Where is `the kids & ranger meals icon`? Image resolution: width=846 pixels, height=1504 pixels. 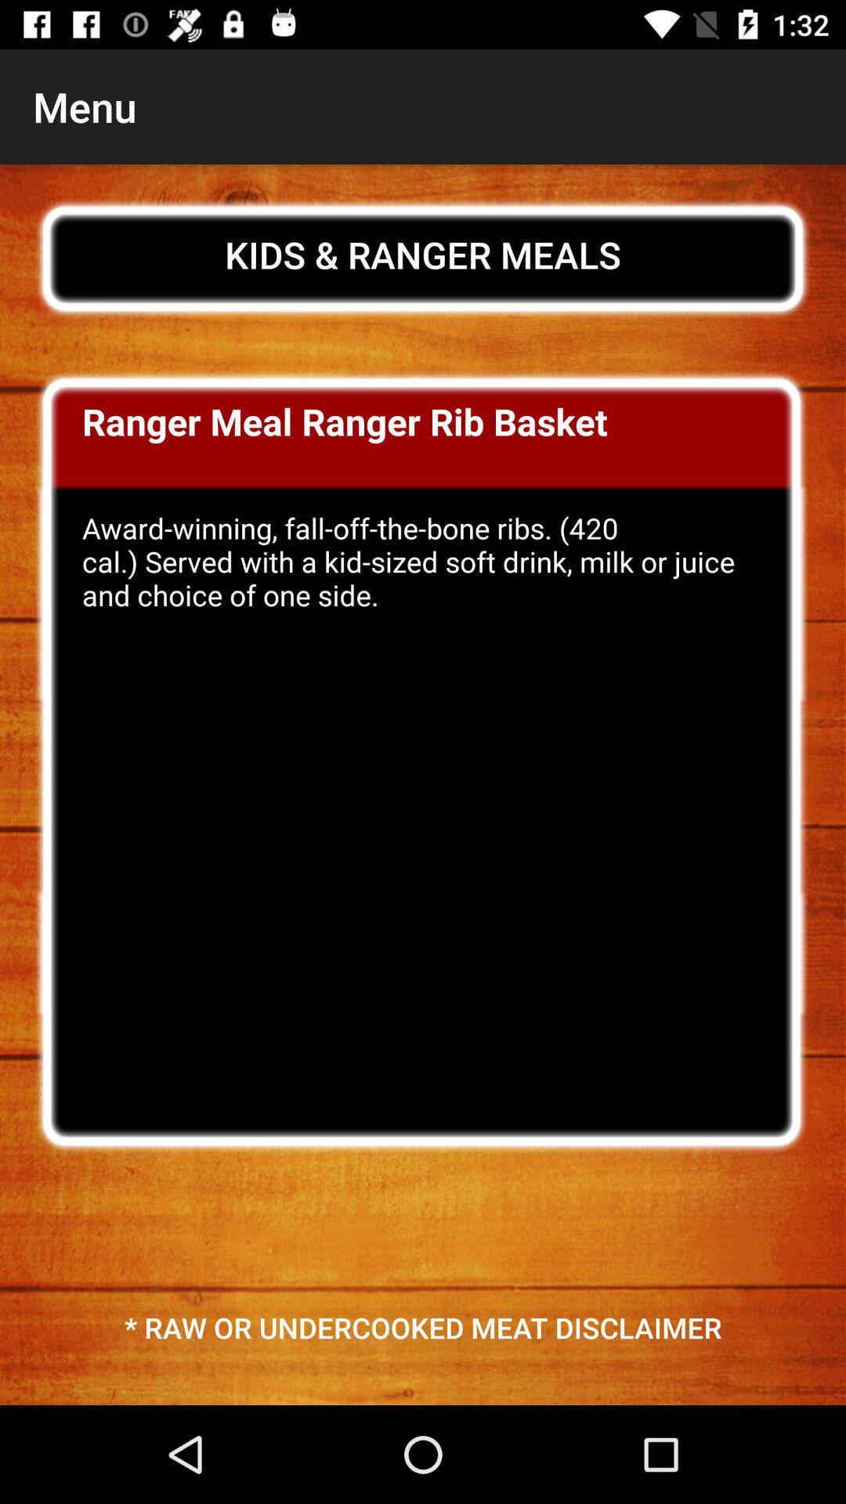
the kids & ranger meals icon is located at coordinates (423, 255).